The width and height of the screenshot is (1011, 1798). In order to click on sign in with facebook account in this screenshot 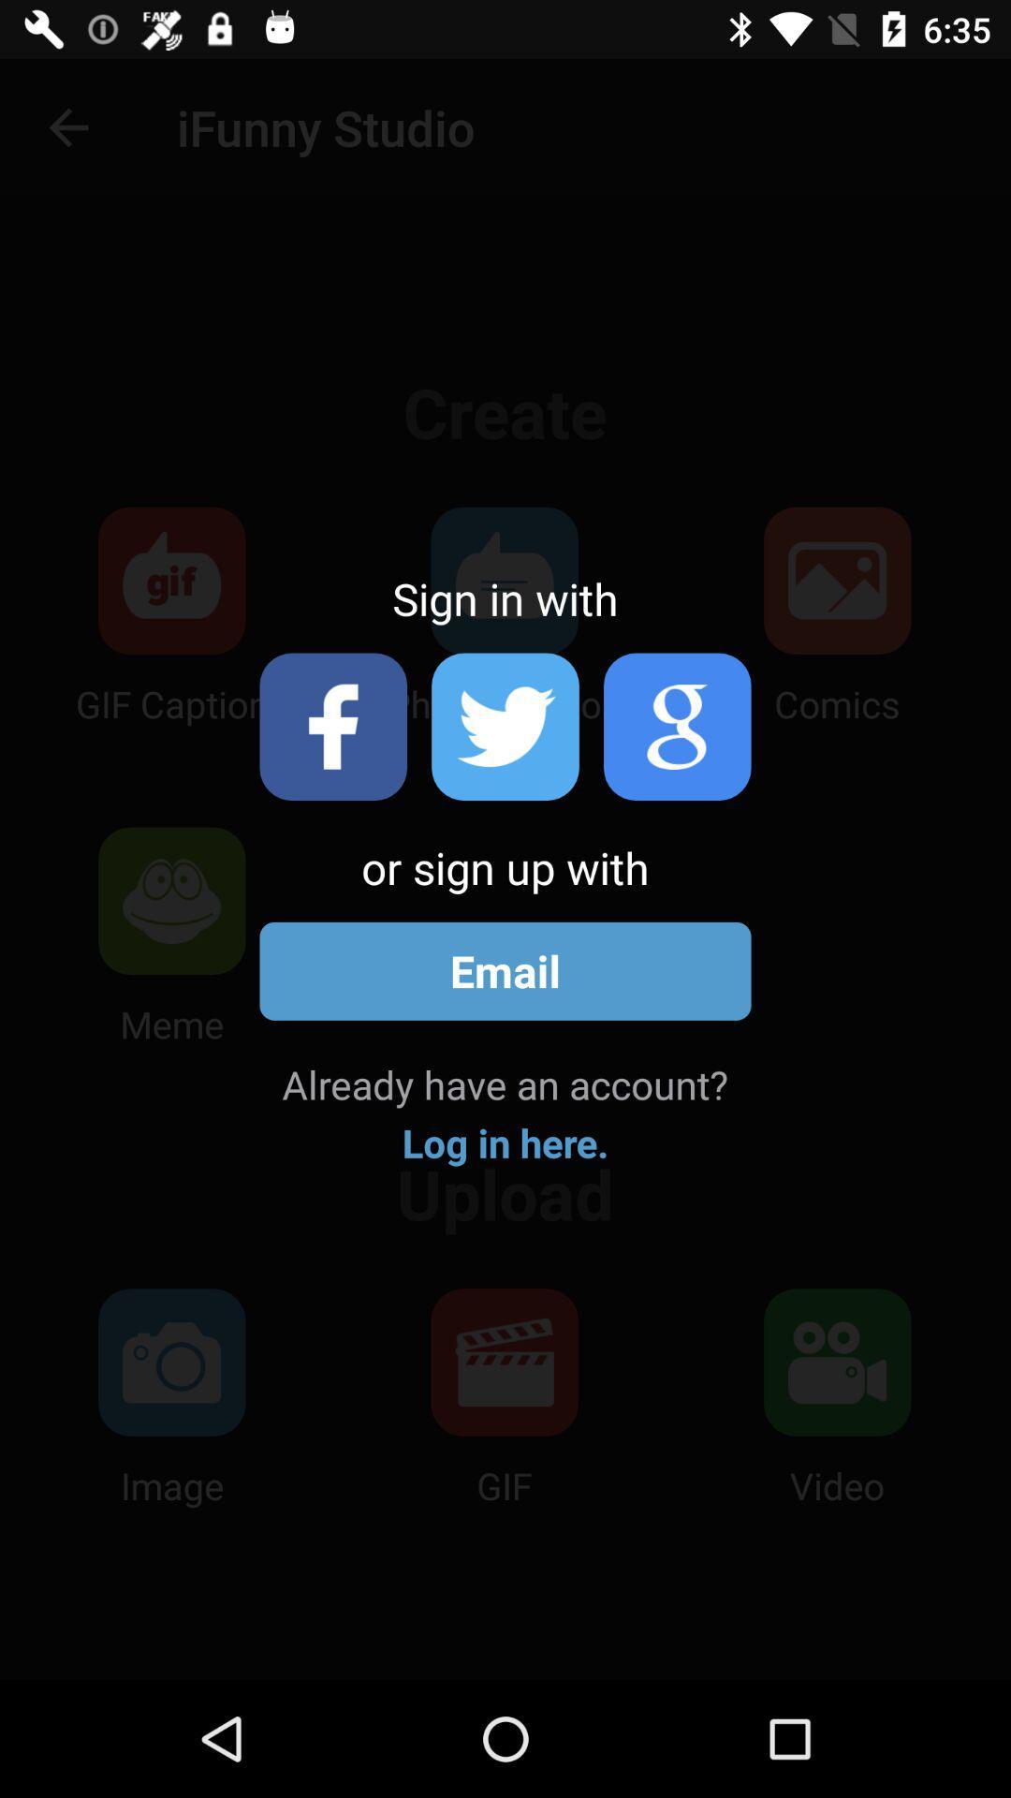, I will do `click(332, 726)`.